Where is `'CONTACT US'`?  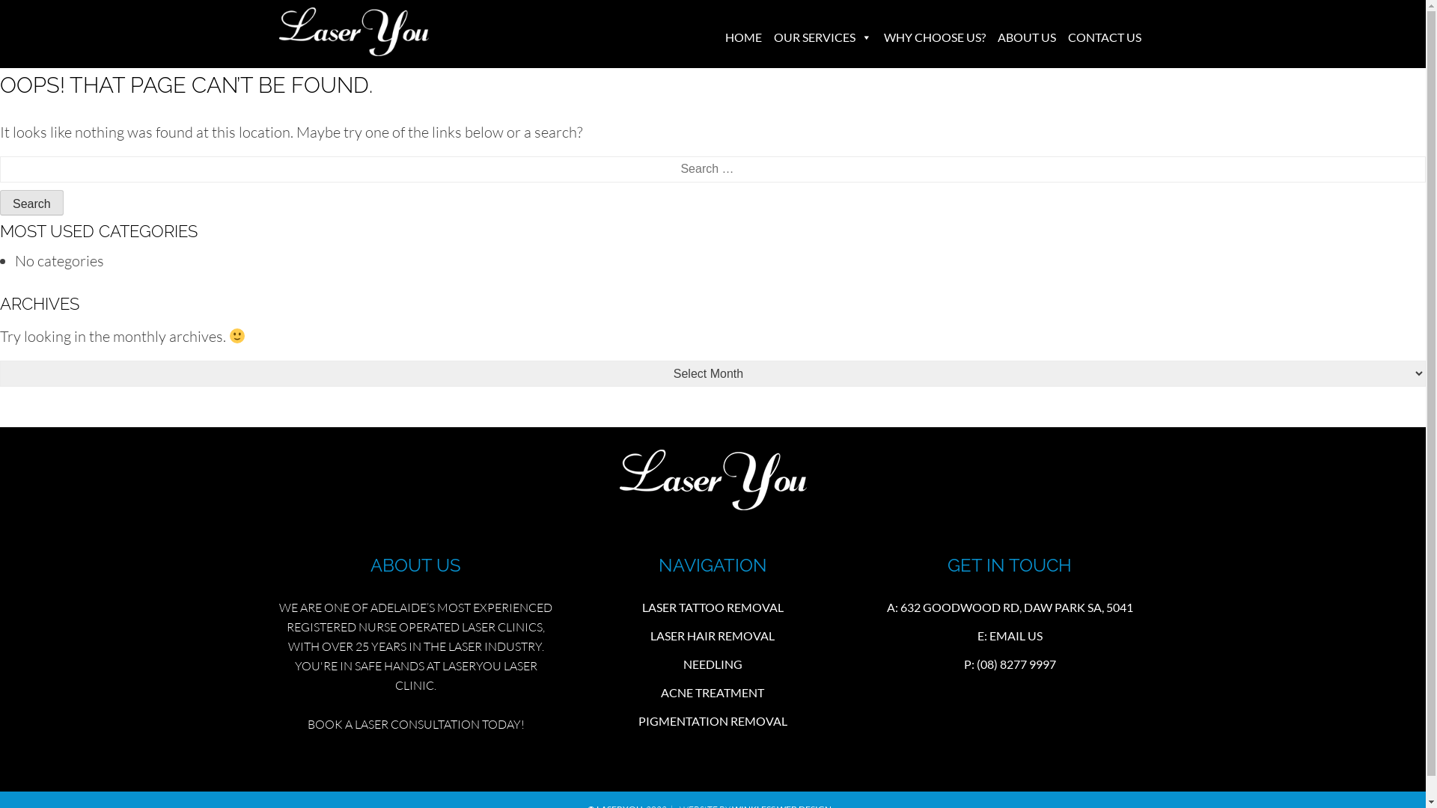 'CONTACT US' is located at coordinates (1103, 37).